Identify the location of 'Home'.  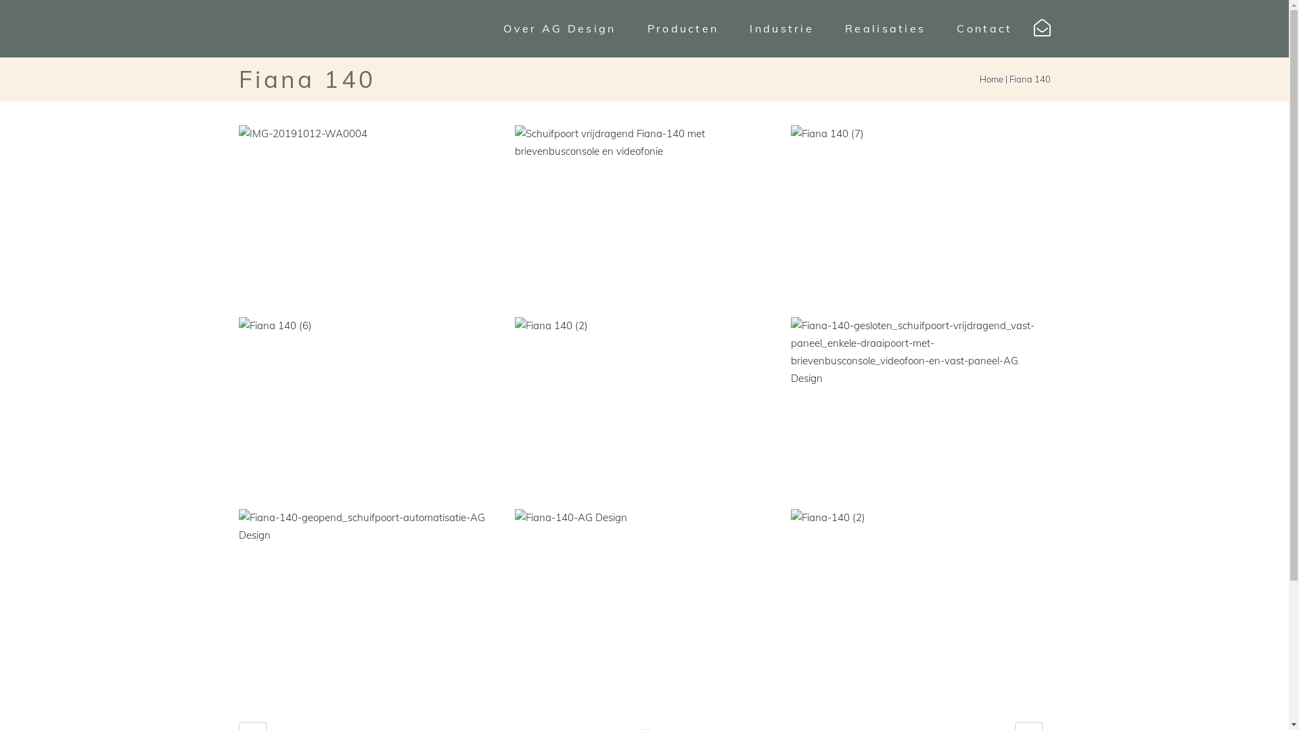
(991, 78).